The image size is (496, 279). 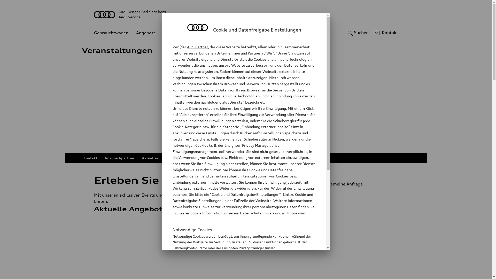 What do you see at coordinates (355, 184) in the screenshot?
I see `'Allgemeine Anfrage'` at bounding box center [355, 184].